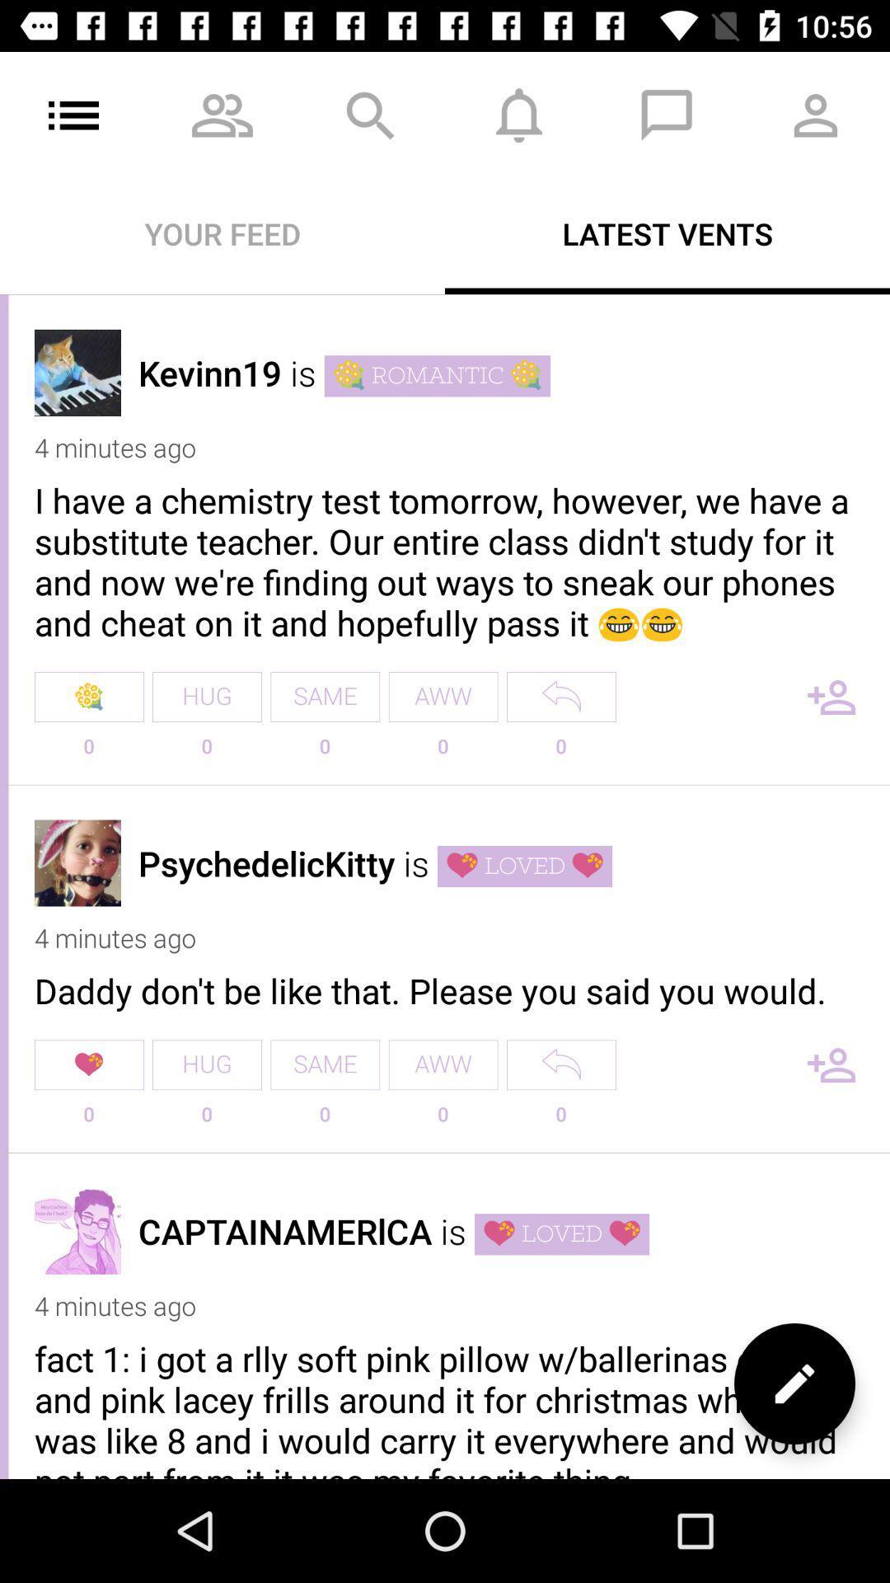 Image resolution: width=890 pixels, height=1583 pixels. Describe the element at coordinates (831, 697) in the screenshot. I see `friend` at that location.